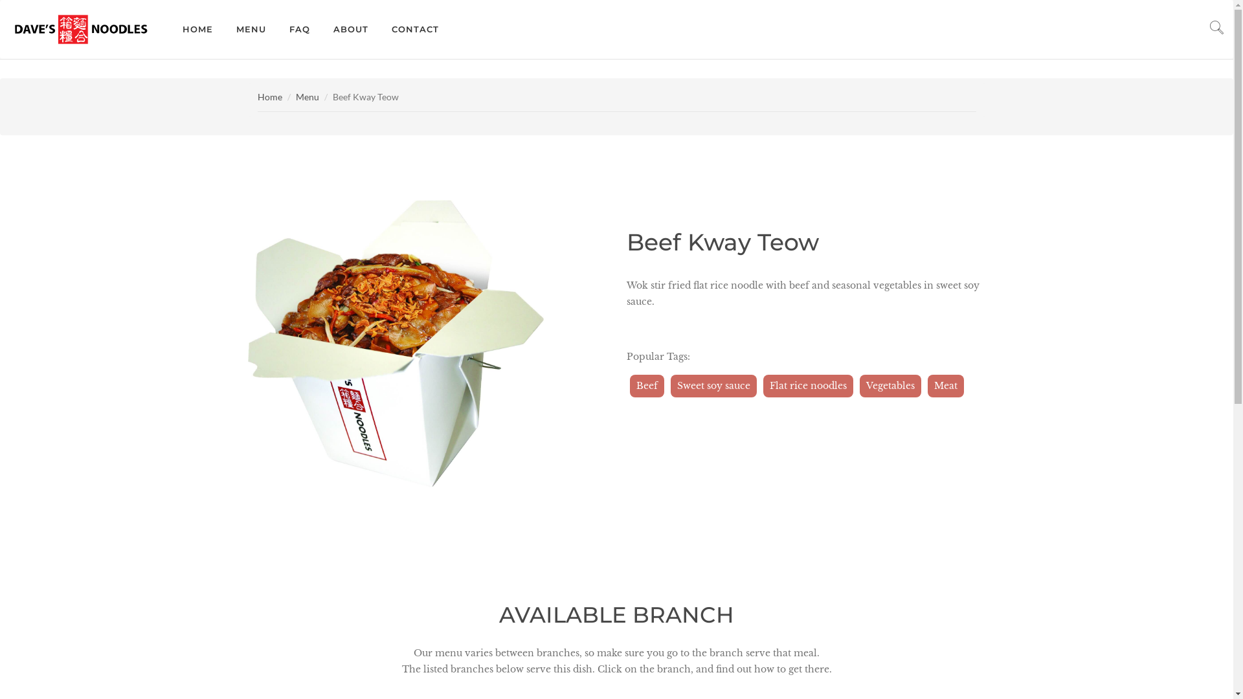 This screenshot has height=699, width=1243. What do you see at coordinates (415, 29) in the screenshot?
I see `'CONTACT'` at bounding box center [415, 29].